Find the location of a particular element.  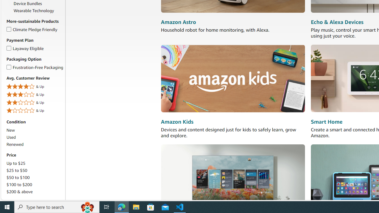

'Frustration-Free Packaging' is located at coordinates (9, 66).